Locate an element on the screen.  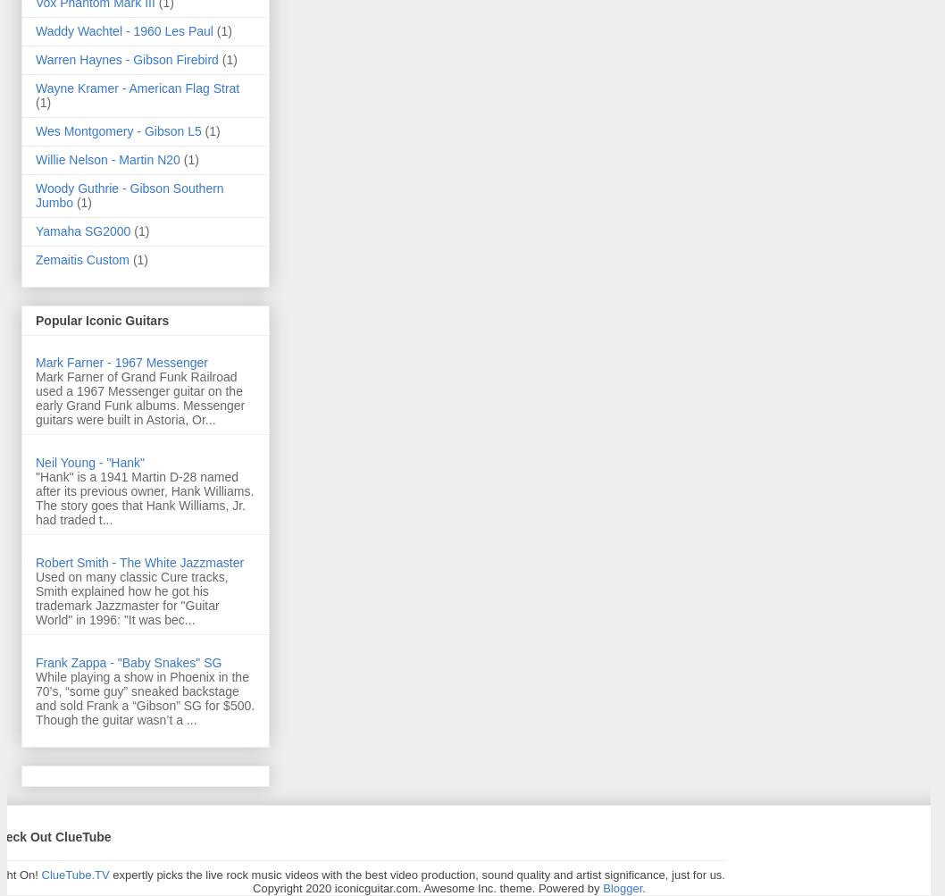
'Warren Haynes - Gibson Firebird' is located at coordinates (35, 58).